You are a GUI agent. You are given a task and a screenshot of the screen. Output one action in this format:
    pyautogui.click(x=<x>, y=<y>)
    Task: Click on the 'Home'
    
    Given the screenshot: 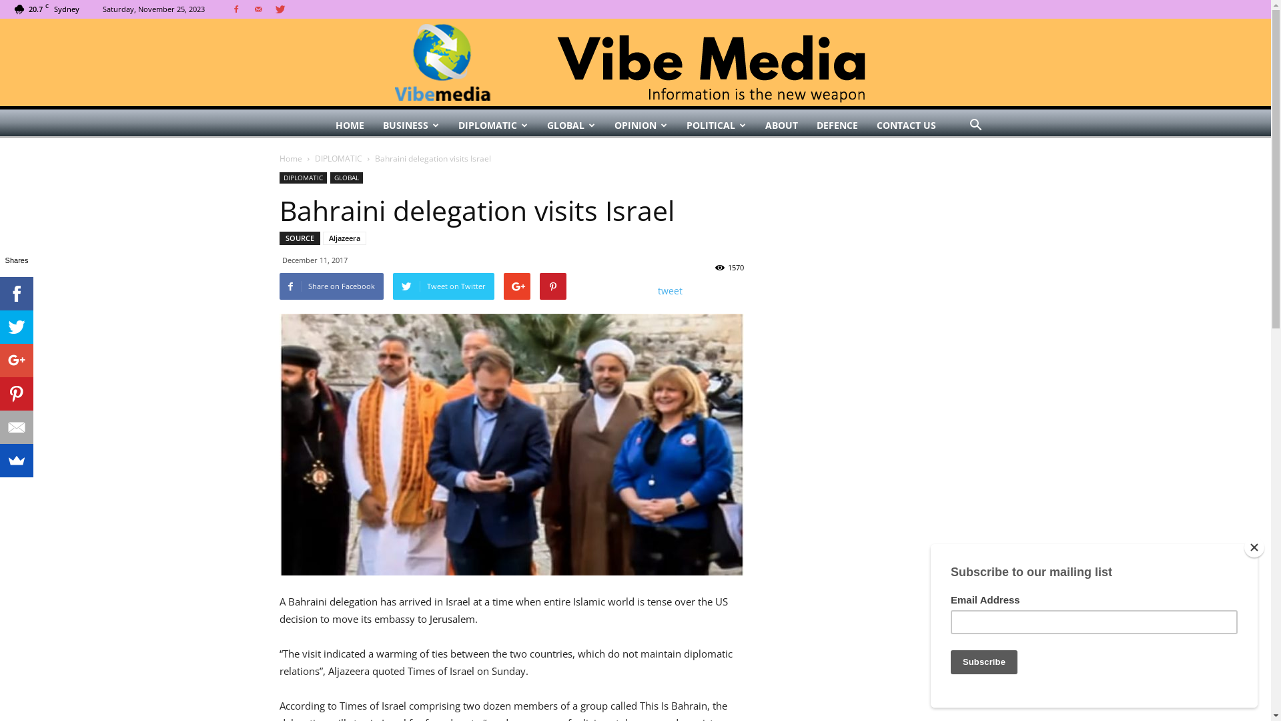 What is the action you would take?
    pyautogui.click(x=290, y=158)
    